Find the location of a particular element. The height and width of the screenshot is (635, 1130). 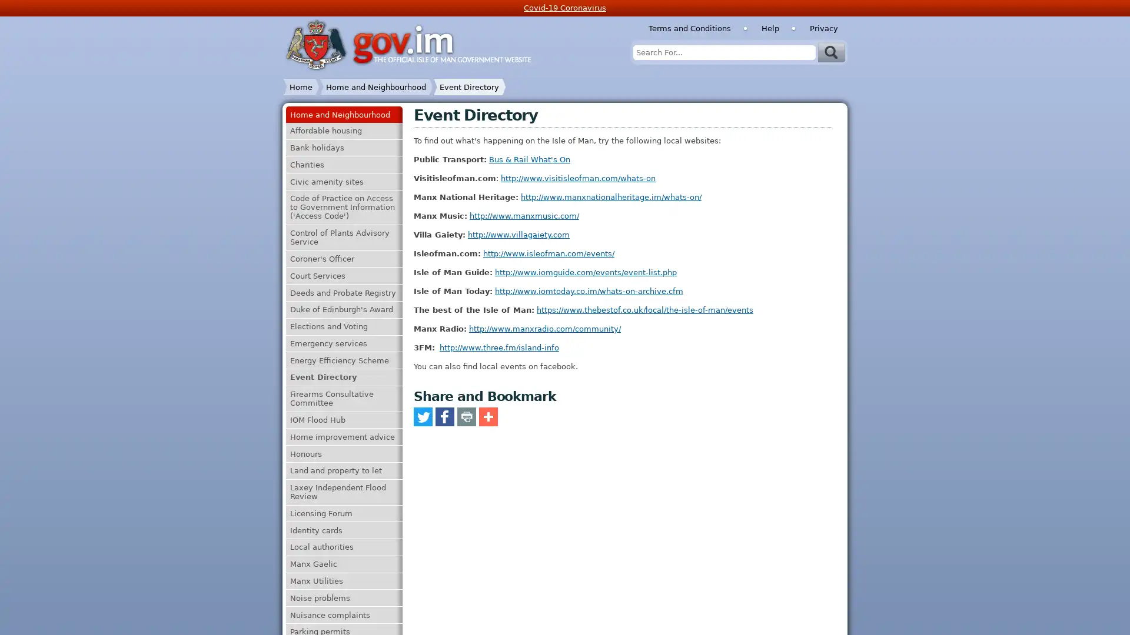

Search is located at coordinates (830, 51).